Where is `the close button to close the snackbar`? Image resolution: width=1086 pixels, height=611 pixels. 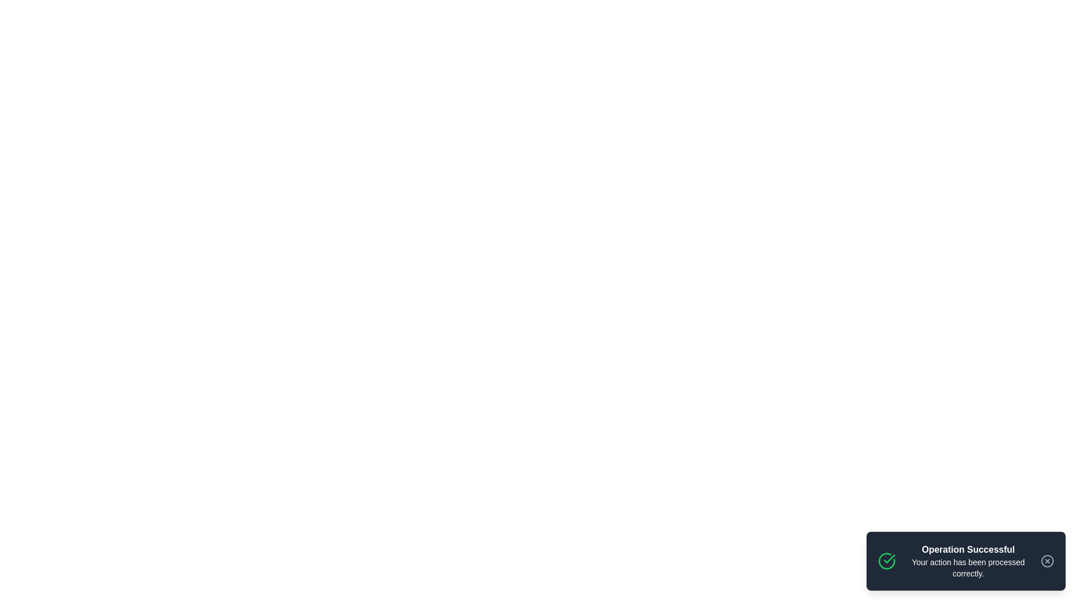 the close button to close the snackbar is located at coordinates (1047, 561).